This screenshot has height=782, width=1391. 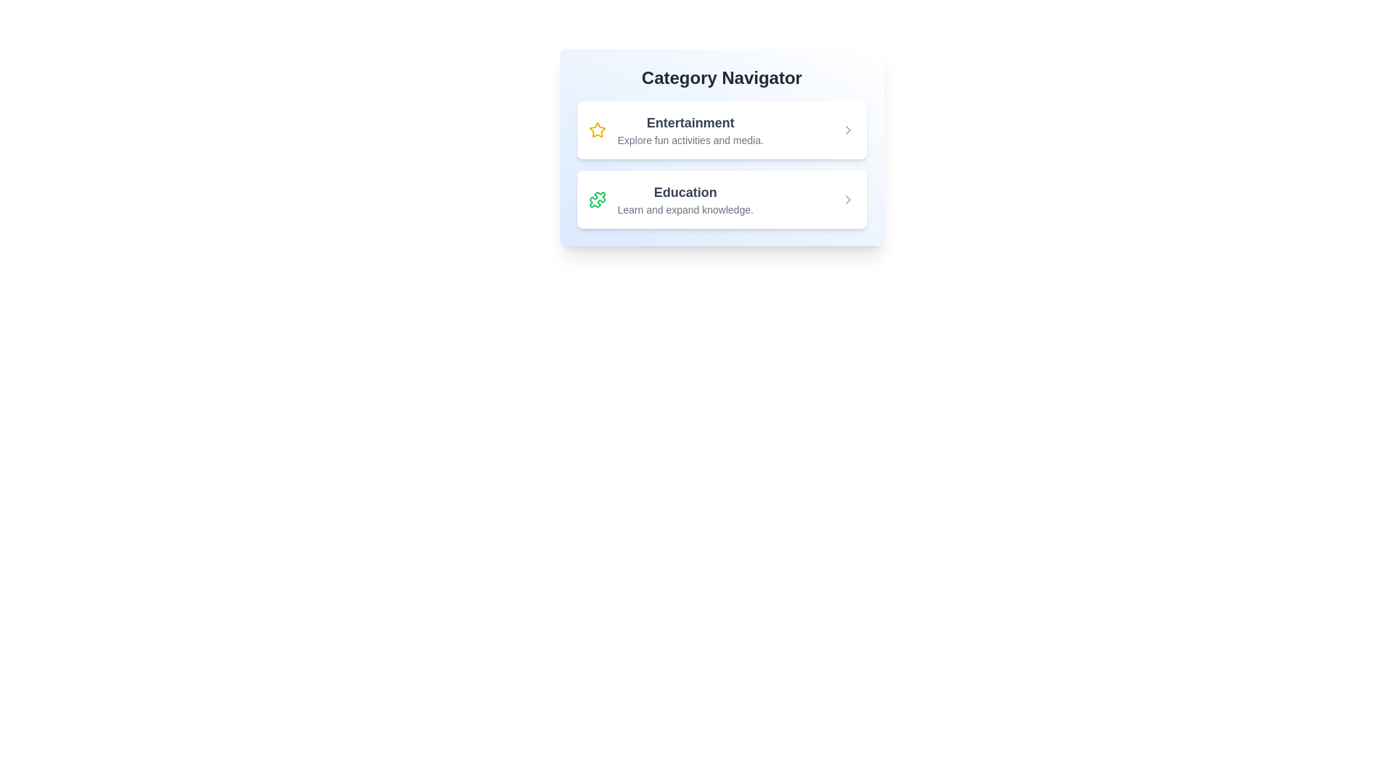 I want to click on the right-facing chevron icon located in the 'Entertainment' section, so click(x=848, y=130).